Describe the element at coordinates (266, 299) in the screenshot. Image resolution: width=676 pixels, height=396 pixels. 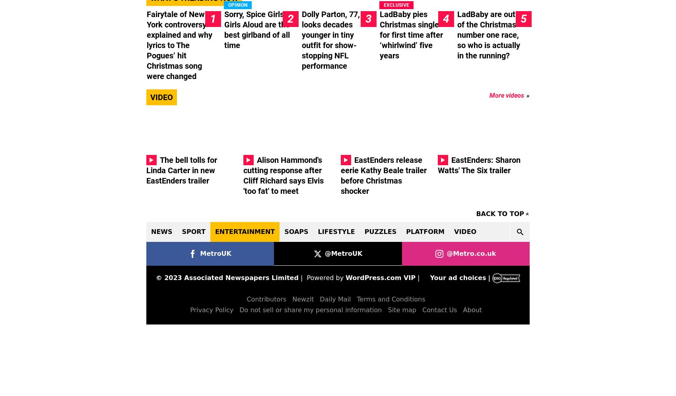
I see `'Contributors'` at that location.